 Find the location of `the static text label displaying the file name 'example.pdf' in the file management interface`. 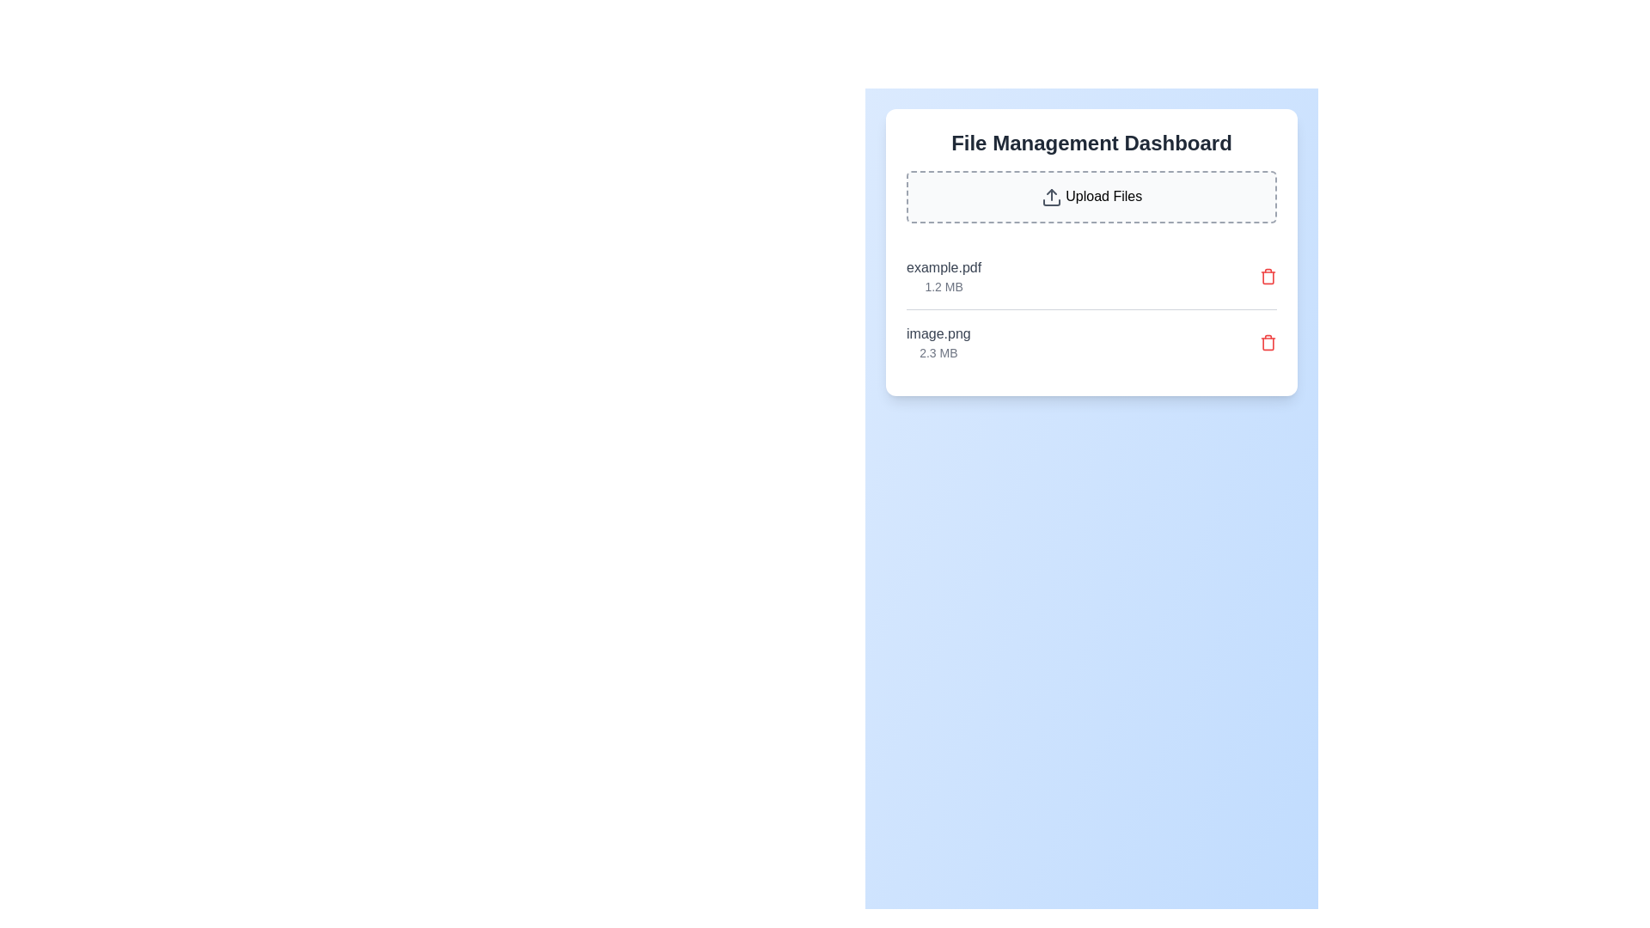

the static text label displaying the file name 'example.pdf' in the file management interface is located at coordinates (943, 267).